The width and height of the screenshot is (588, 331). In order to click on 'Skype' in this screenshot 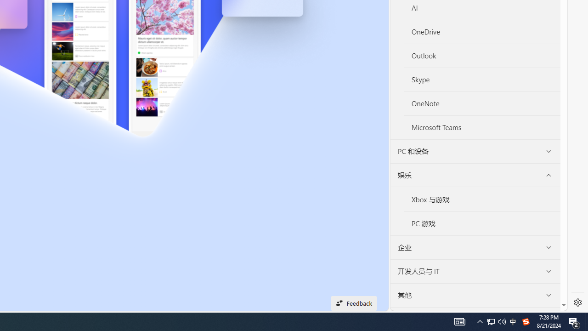, I will do `click(482, 80)`.